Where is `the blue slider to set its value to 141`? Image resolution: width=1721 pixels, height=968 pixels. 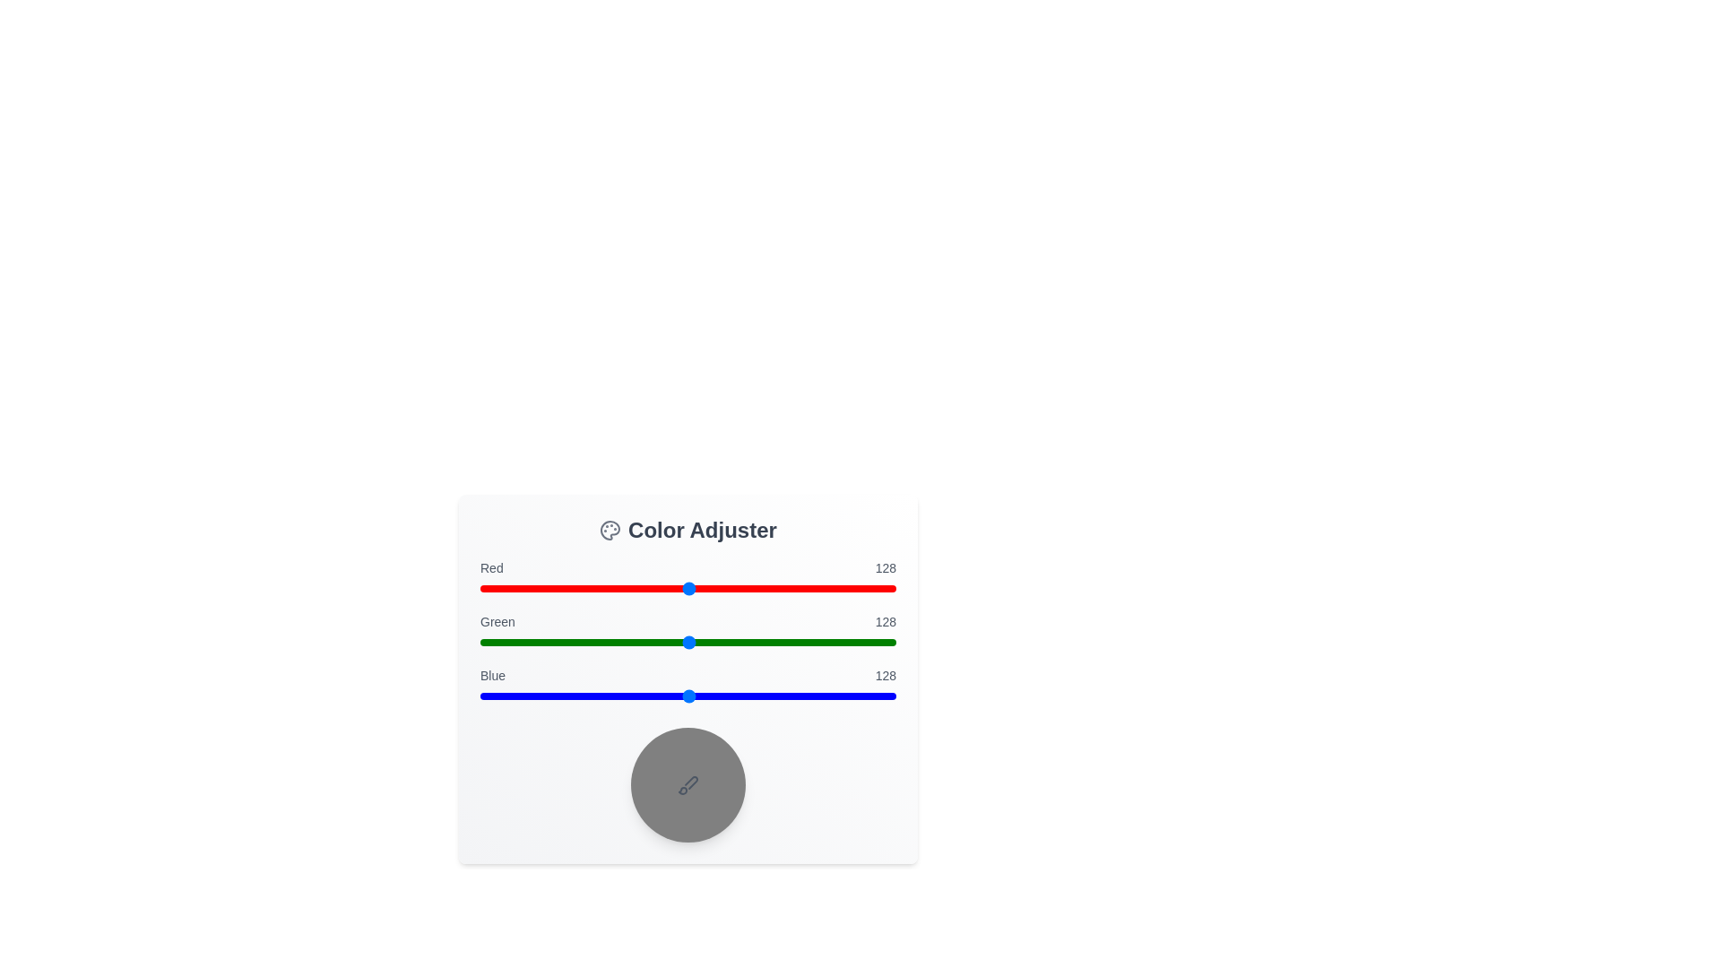
the blue slider to set its value to 141 is located at coordinates (709, 695).